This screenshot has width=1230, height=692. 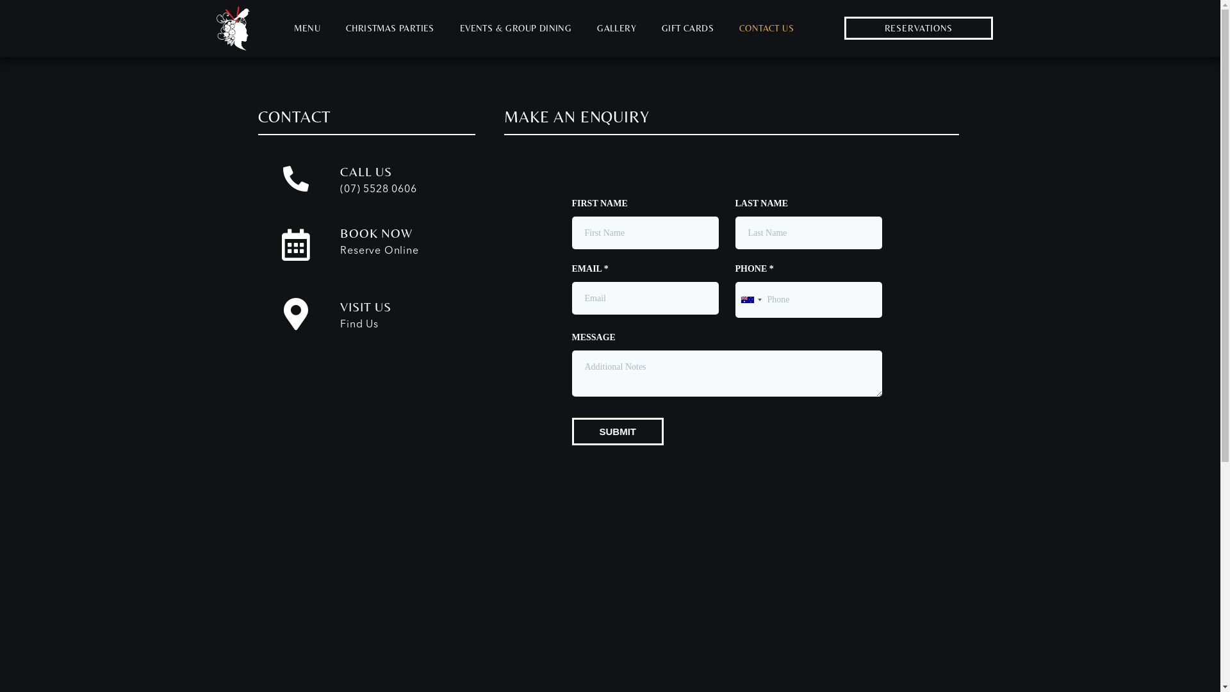 What do you see at coordinates (516, 28) in the screenshot?
I see `'EVENTS & GROUP DINING'` at bounding box center [516, 28].